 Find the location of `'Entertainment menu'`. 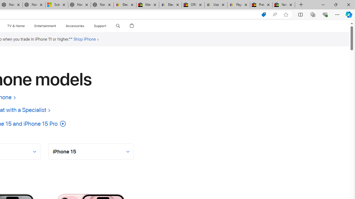

'Entertainment menu' is located at coordinates (57, 26).